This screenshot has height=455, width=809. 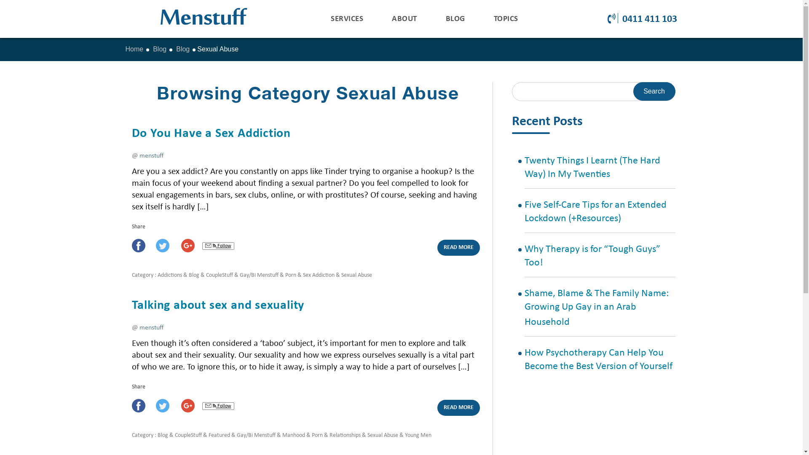 What do you see at coordinates (345, 435) in the screenshot?
I see `'Relationships'` at bounding box center [345, 435].